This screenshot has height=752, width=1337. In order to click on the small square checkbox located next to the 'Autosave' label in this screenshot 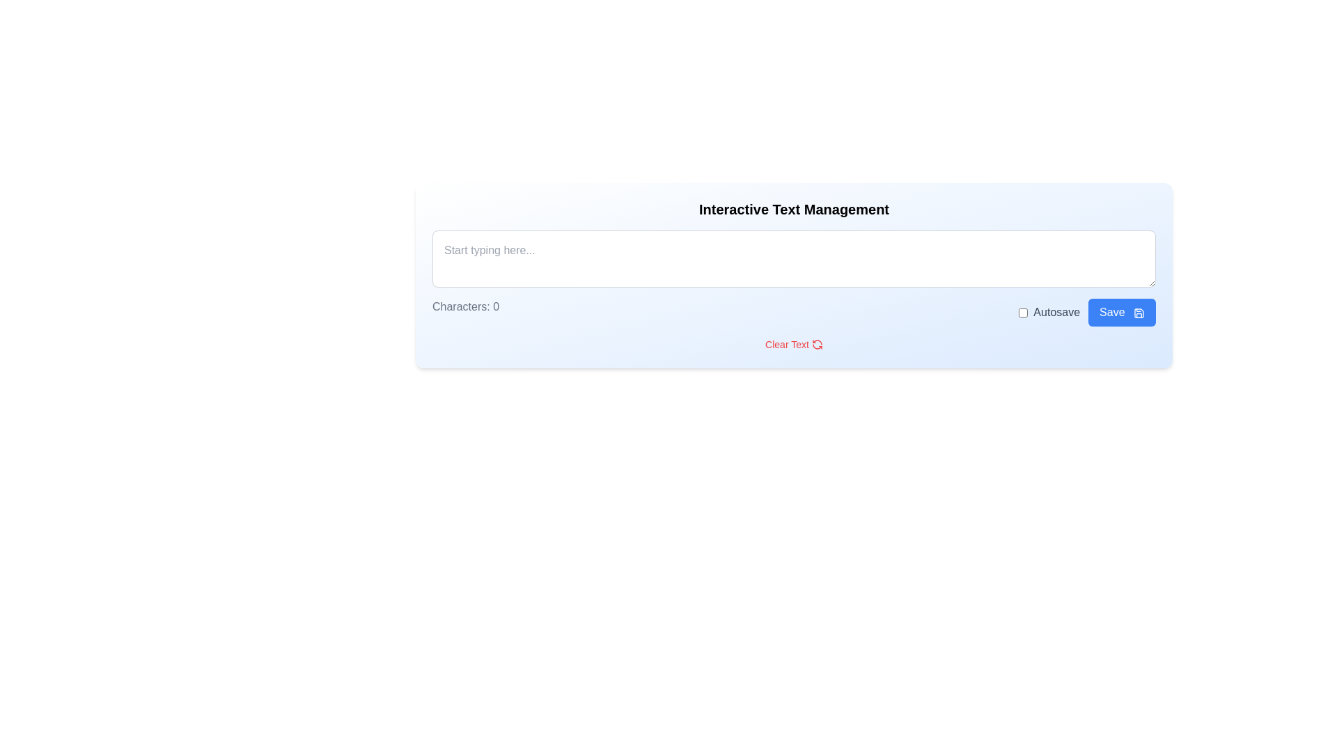, I will do `click(1023, 311)`.